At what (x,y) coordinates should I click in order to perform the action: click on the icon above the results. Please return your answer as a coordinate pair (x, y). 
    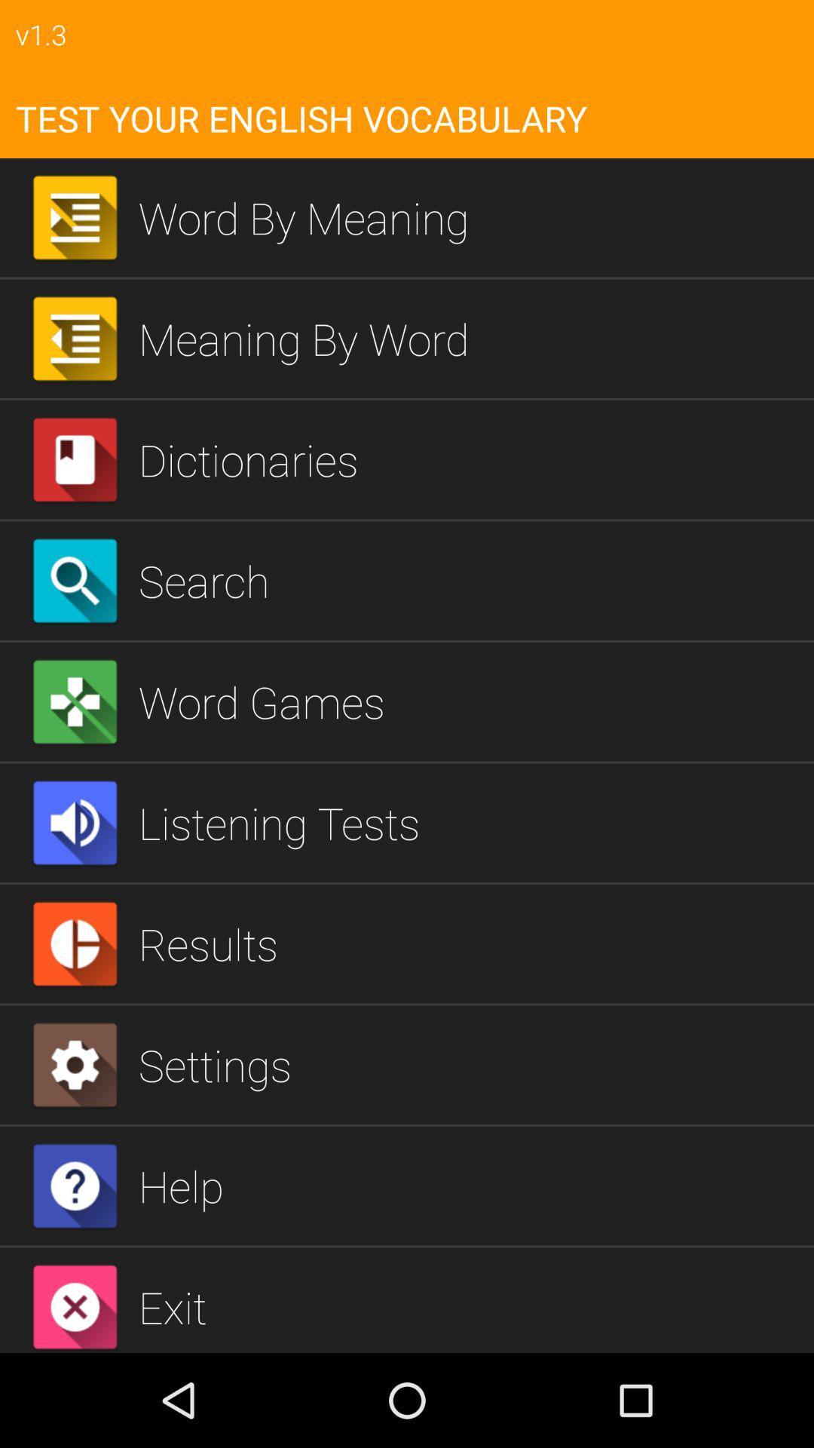
    Looking at the image, I should click on (470, 822).